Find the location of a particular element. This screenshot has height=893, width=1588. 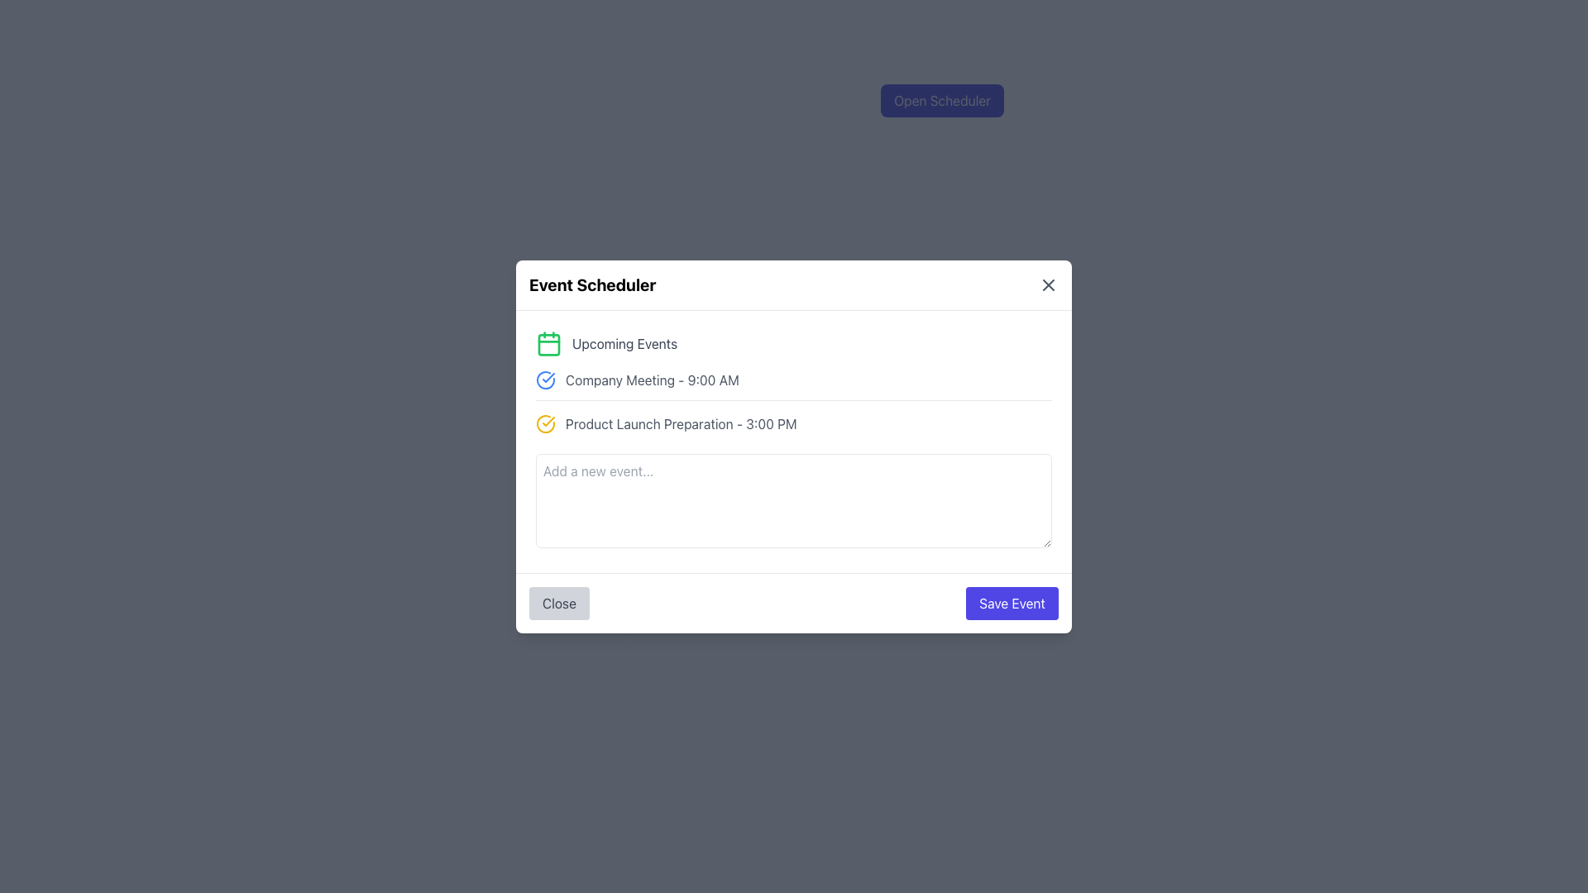

the blue circular checkmark icon located at the leftmost side of the row displaying 'Company Meeting - 9:00 AM' in the 'Event Scheduler' dialog box is located at coordinates (546, 380).